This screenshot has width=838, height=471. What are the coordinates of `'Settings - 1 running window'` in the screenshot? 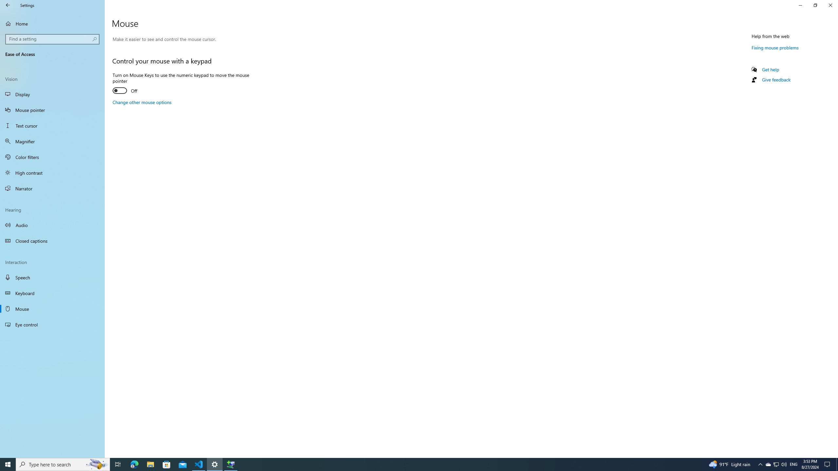 It's located at (215, 464).